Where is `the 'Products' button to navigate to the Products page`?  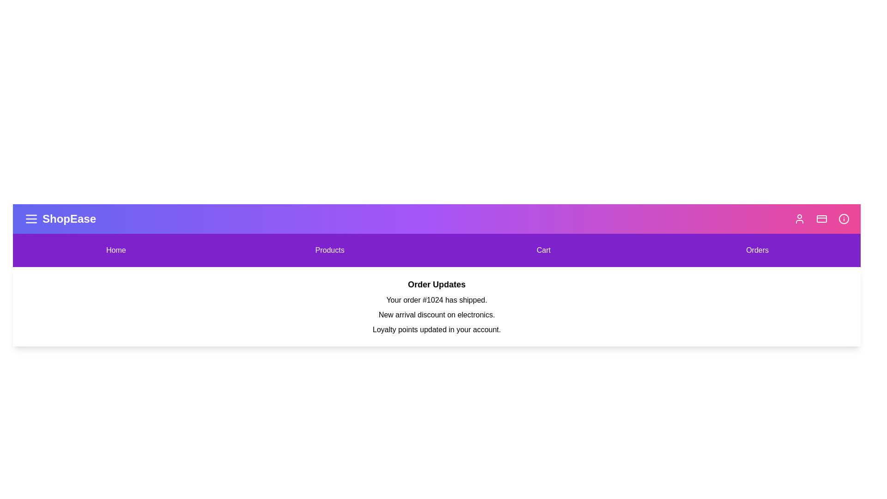
the 'Products' button to navigate to the Products page is located at coordinates (330, 250).